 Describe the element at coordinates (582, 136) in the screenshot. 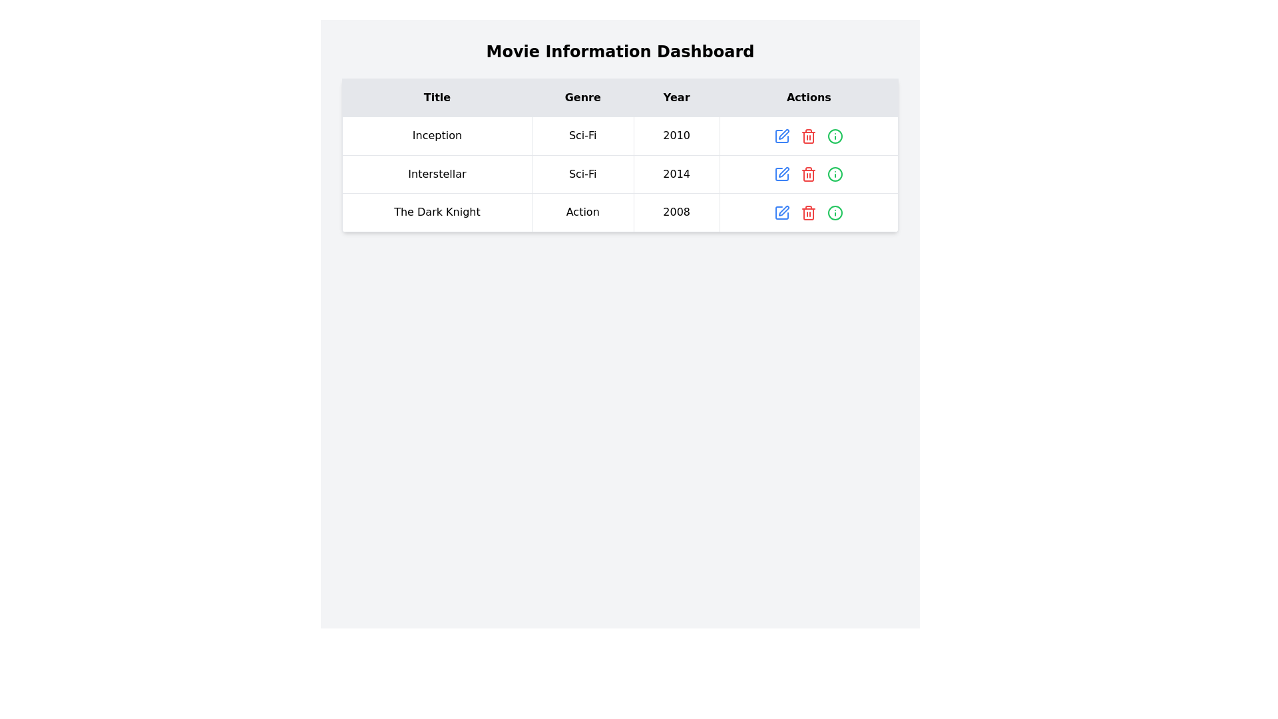

I see `the 'Sci-Fi' text label in the second column of the first row of the table under the 'Genre' header` at that location.